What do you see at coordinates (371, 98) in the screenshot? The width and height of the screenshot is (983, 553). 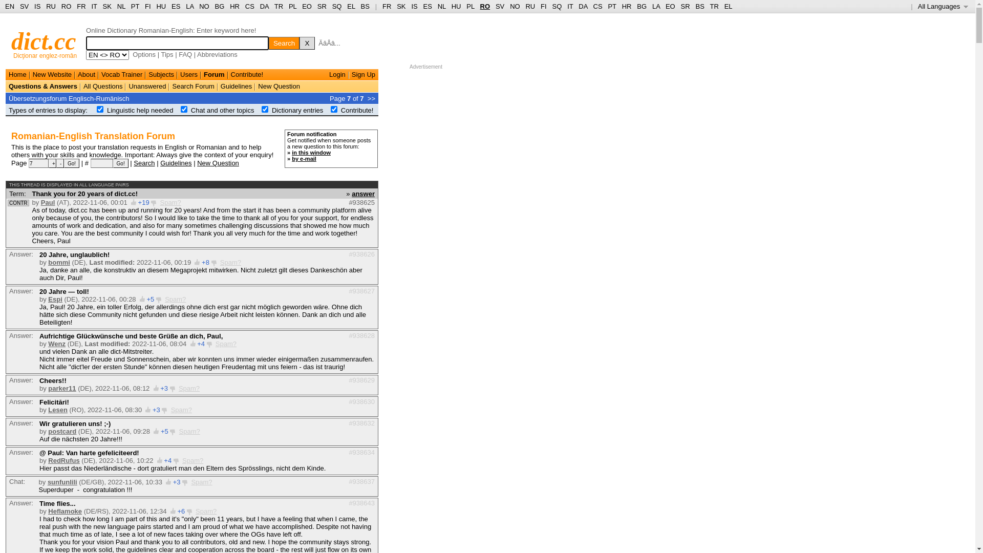 I see `'>>'` at bounding box center [371, 98].